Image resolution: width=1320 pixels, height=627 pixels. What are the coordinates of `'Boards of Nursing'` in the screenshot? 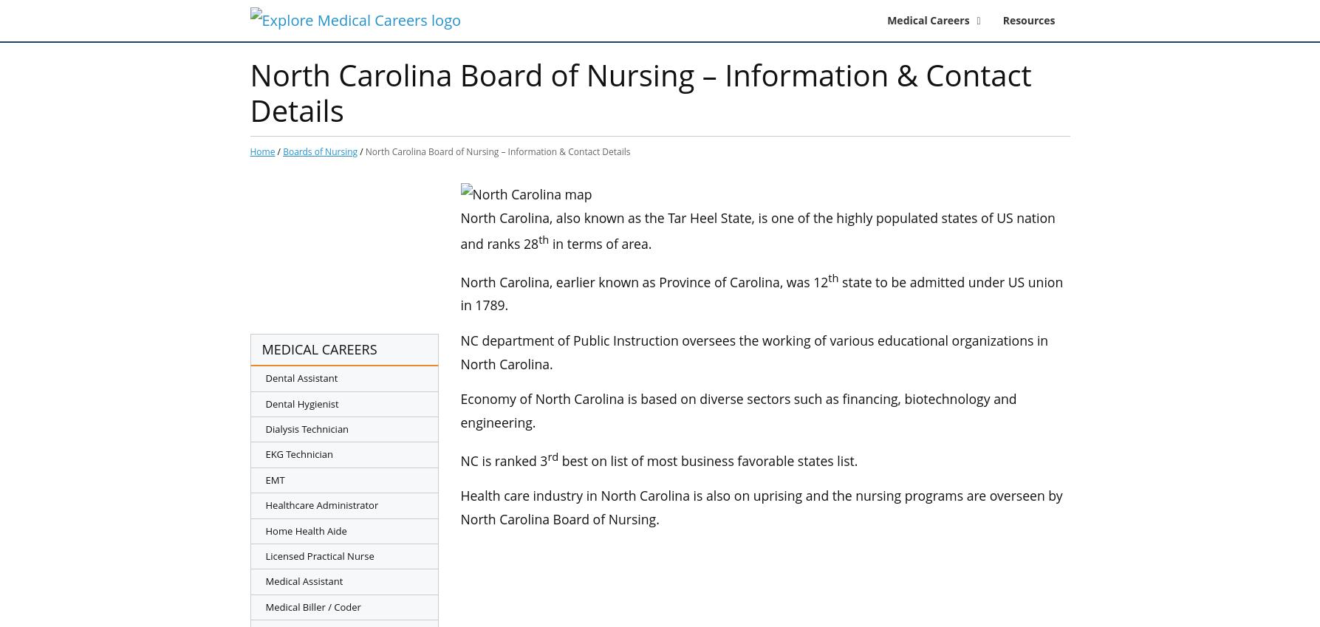 It's located at (320, 151).